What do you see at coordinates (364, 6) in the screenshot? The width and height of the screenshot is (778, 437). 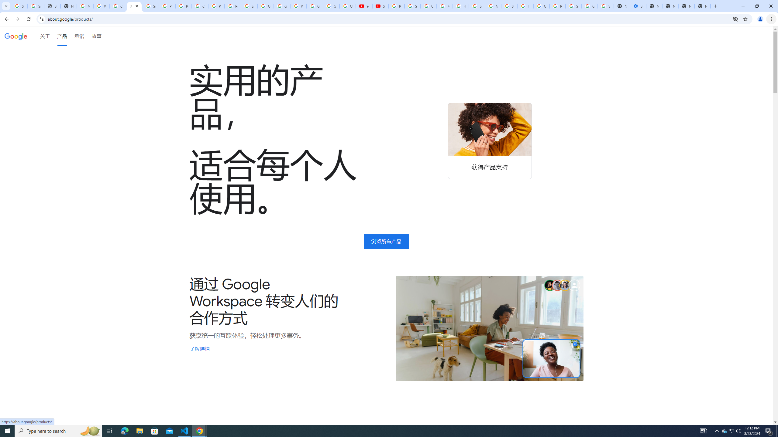 I see `'YouTube'` at bounding box center [364, 6].